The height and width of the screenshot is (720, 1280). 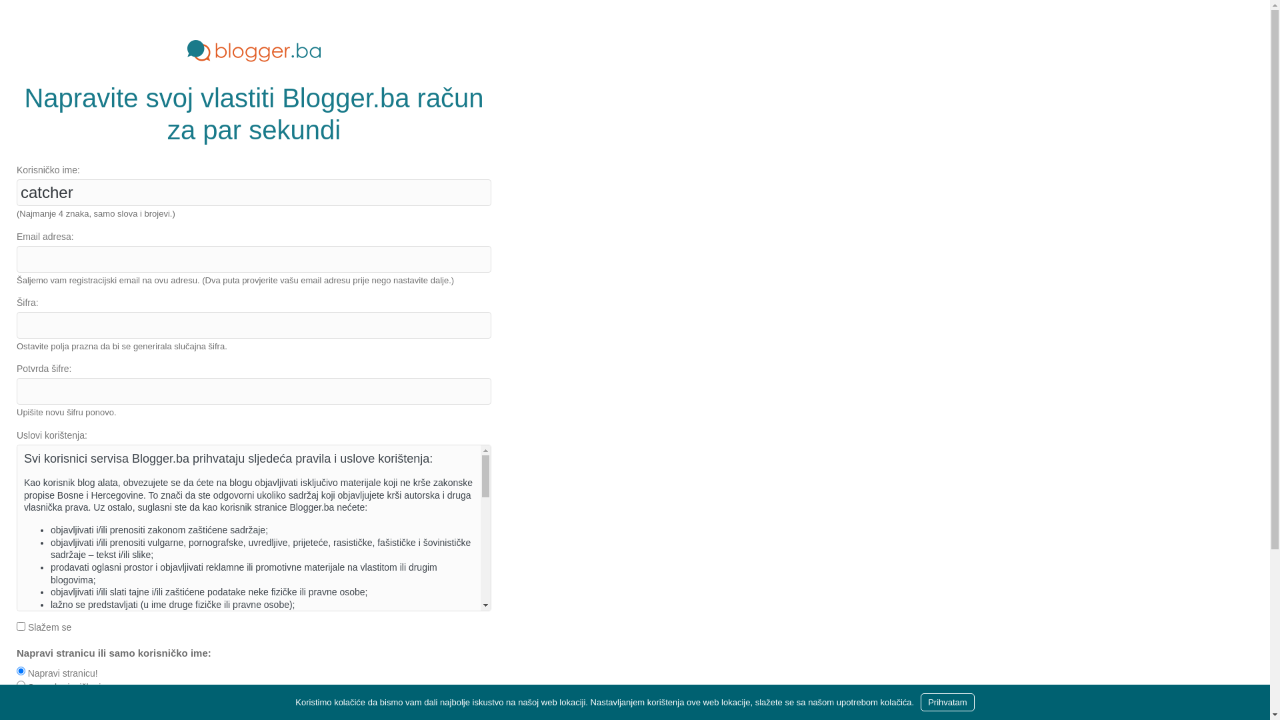 What do you see at coordinates (947, 701) in the screenshot?
I see `'Prihvatam'` at bounding box center [947, 701].